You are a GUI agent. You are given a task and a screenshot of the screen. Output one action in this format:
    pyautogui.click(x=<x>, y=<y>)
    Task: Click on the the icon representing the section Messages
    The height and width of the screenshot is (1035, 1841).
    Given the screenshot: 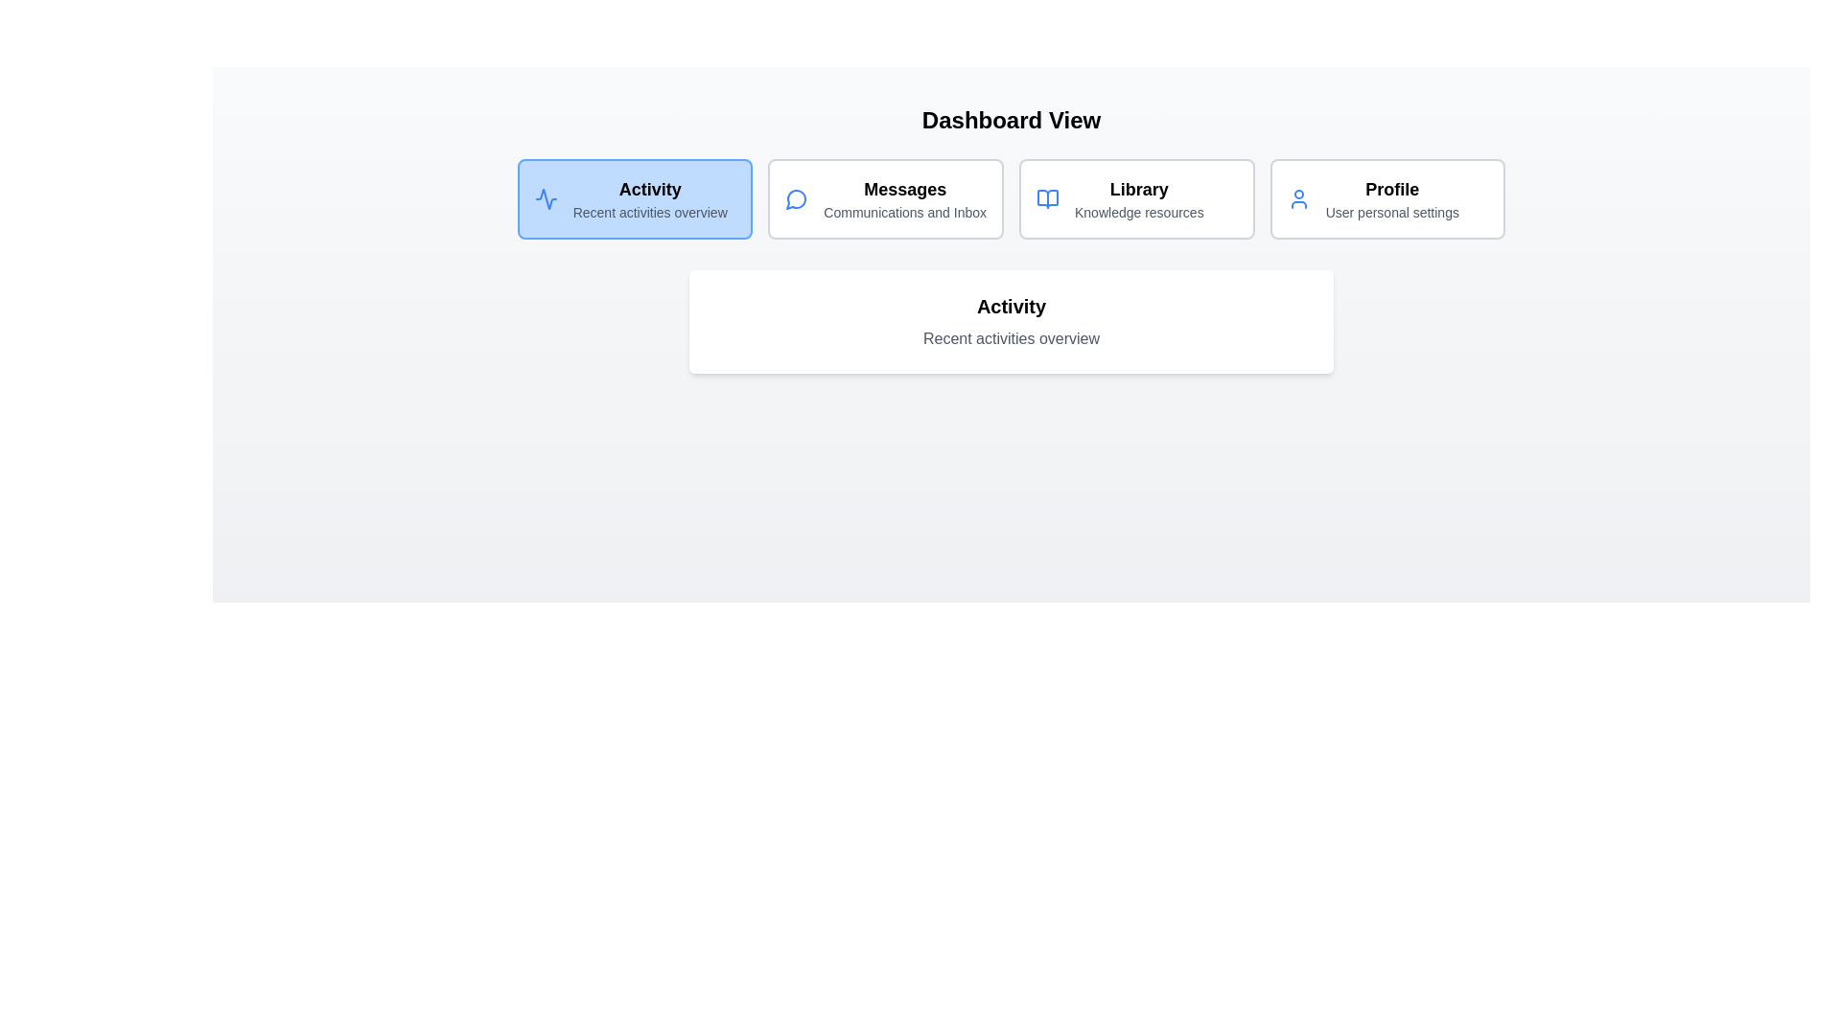 What is the action you would take?
    pyautogui.click(x=797, y=199)
    